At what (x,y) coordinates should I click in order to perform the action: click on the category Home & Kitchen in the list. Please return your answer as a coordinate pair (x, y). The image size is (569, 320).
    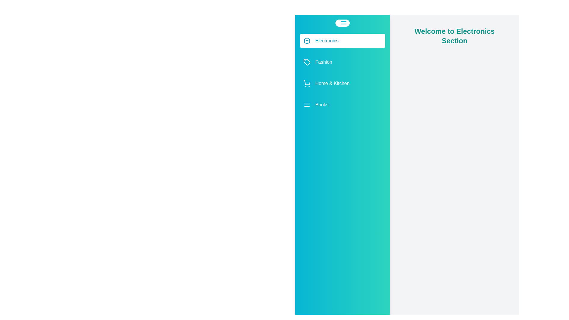
    Looking at the image, I should click on (343, 83).